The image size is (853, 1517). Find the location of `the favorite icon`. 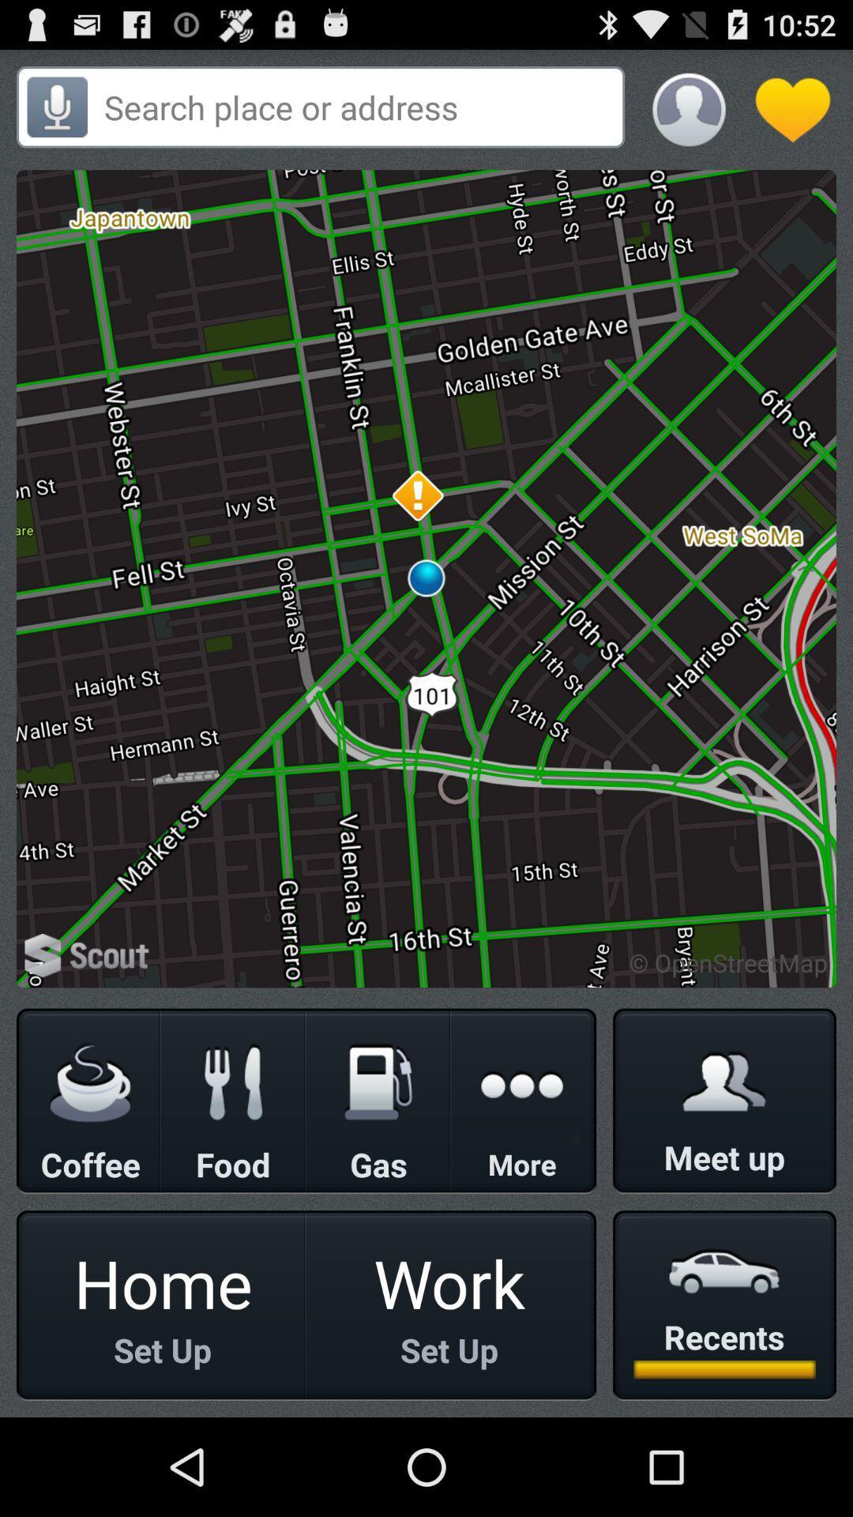

the favorite icon is located at coordinates (790, 102).